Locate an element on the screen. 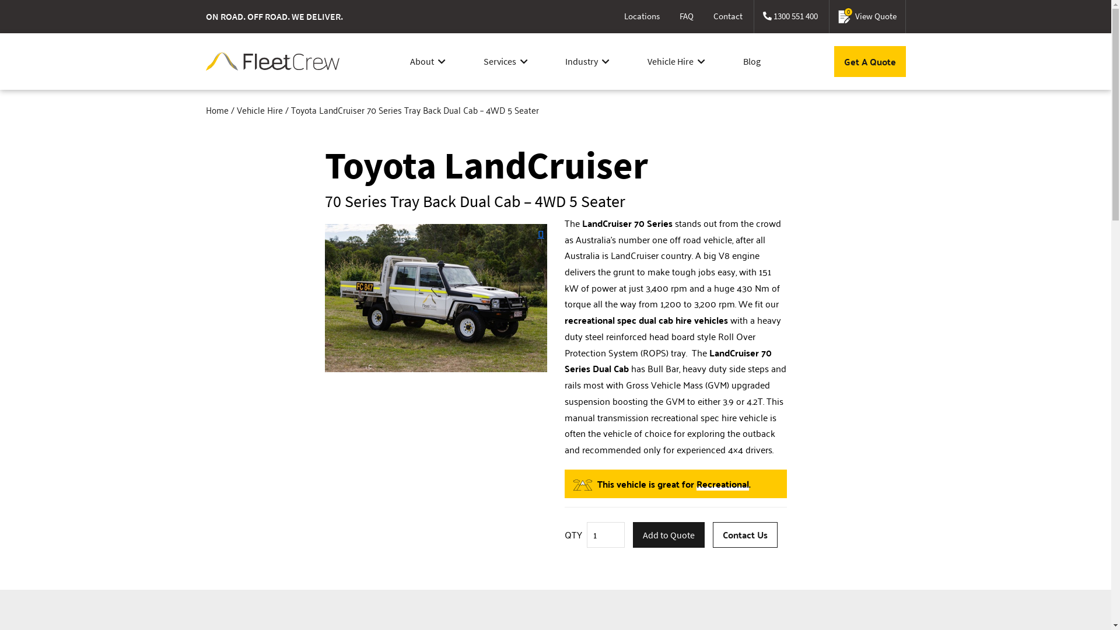 The height and width of the screenshot is (630, 1120). 'Qty' is located at coordinates (605, 535).